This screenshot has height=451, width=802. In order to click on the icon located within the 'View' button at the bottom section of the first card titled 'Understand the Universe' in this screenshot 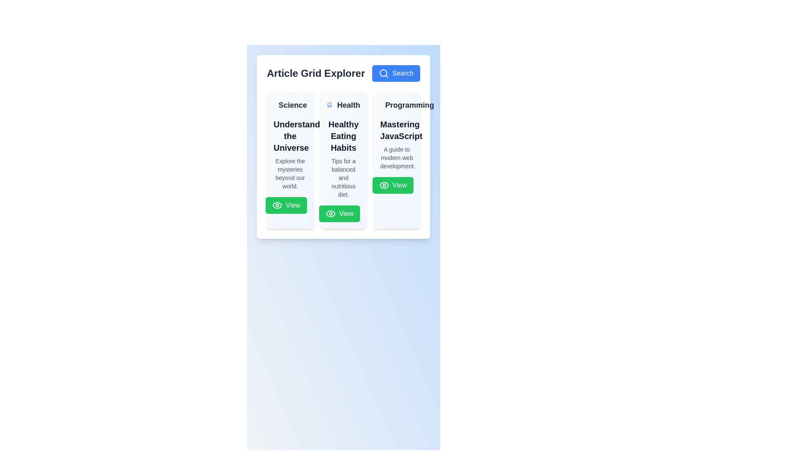, I will do `click(277, 205)`.